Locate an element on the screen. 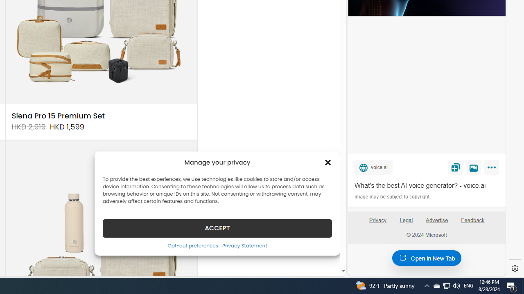 This screenshot has width=524, height=294. 'Legal' is located at coordinates (406, 223).